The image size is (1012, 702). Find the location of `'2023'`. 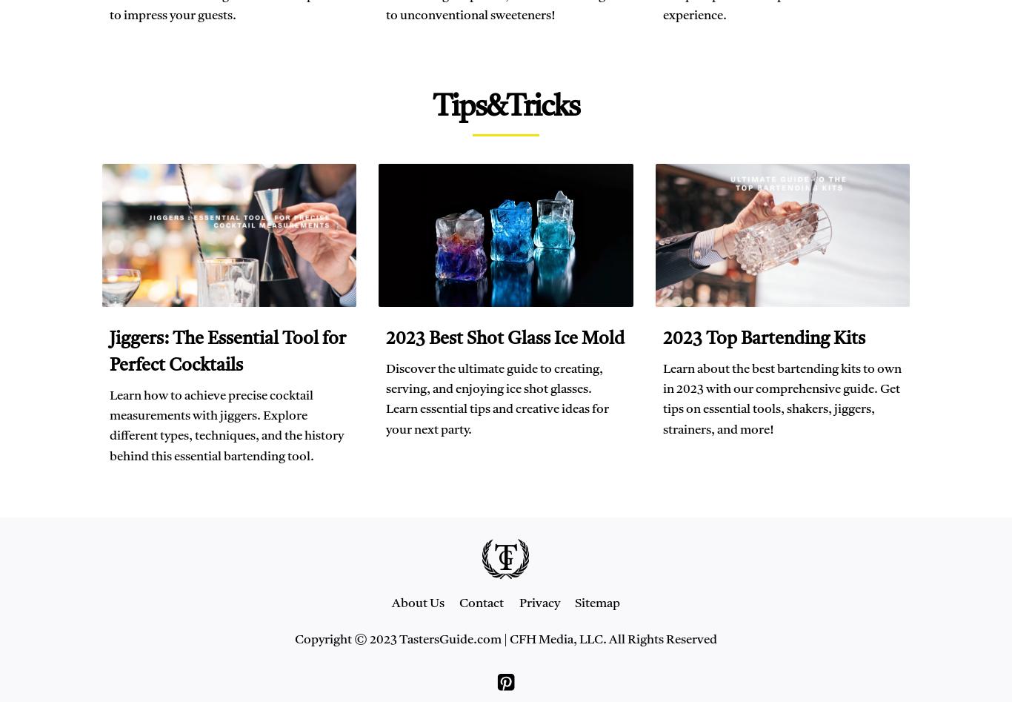

'2023' is located at coordinates (684, 339).